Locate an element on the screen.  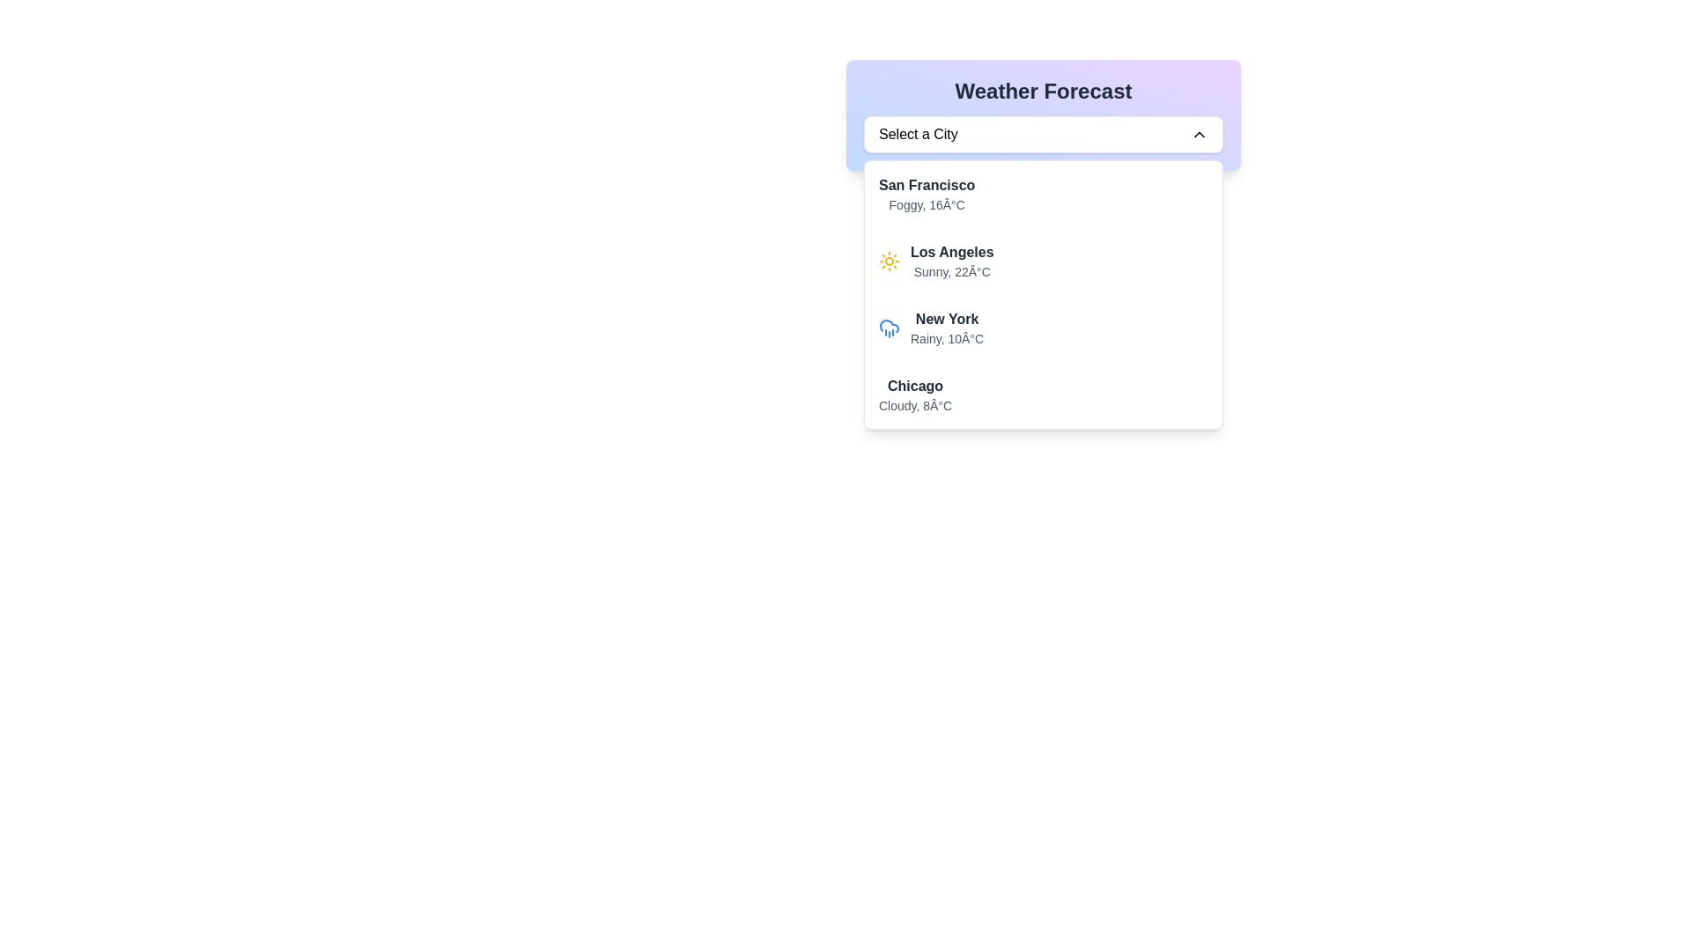
the content of the Text Label displaying 'Cloudy, 8Â°C', which is styled with a smaller font size in gray and positioned directly below the bold text 'Chicago' is located at coordinates (915, 406).